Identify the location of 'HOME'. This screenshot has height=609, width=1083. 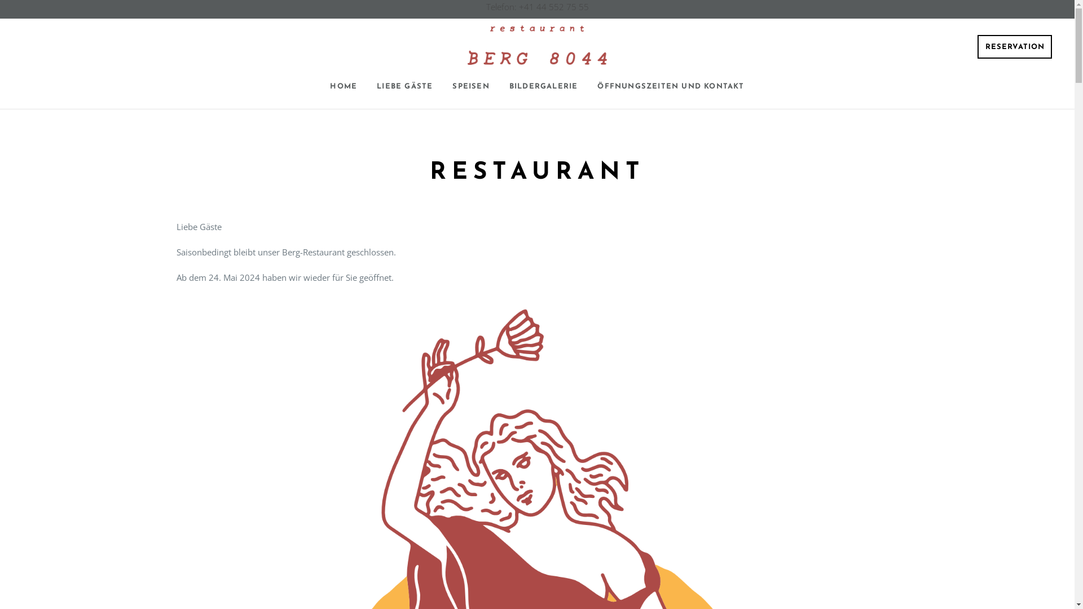
(343, 86).